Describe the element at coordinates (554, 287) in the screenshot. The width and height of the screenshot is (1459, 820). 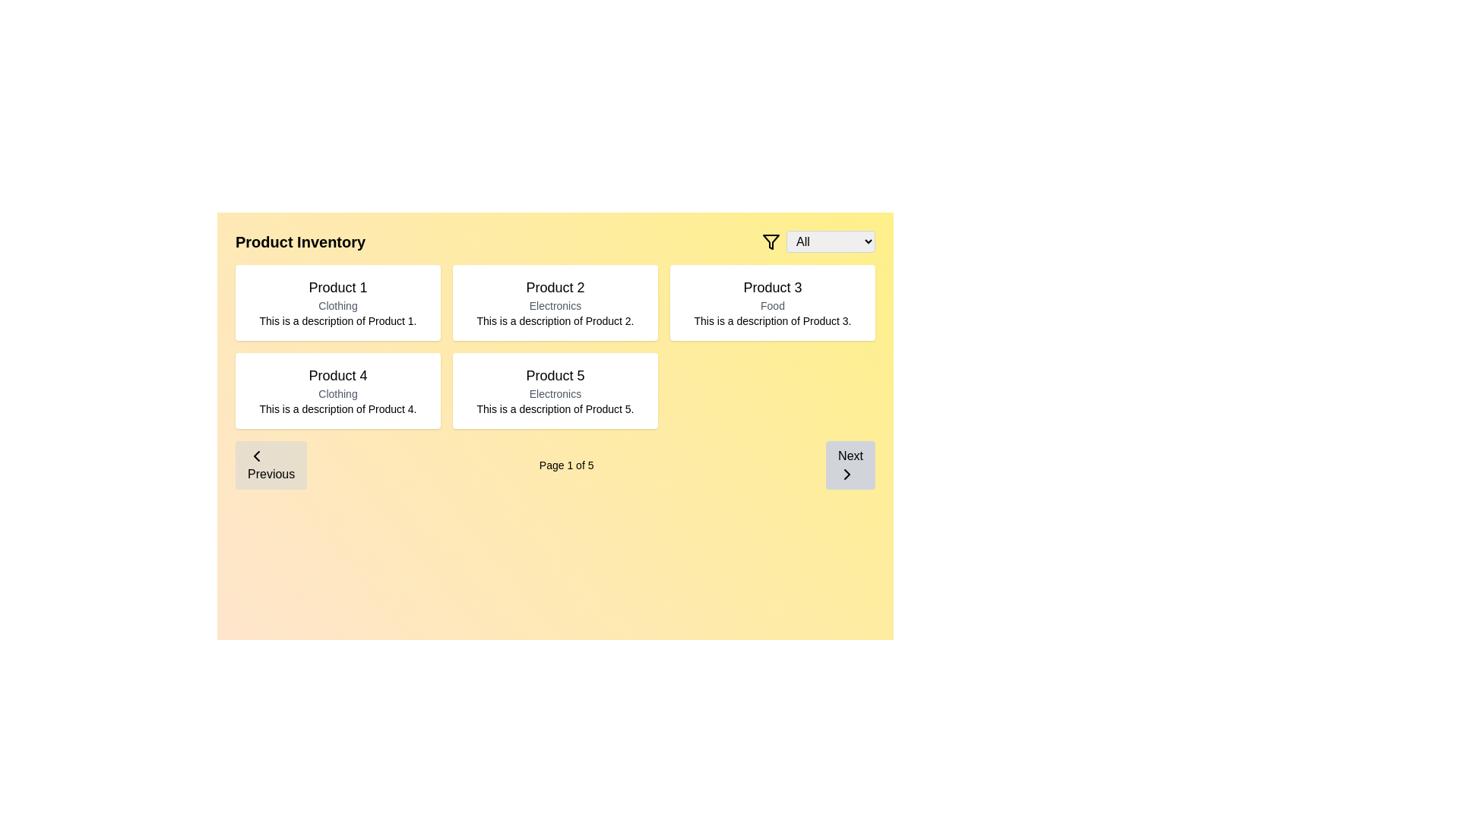
I see `the 'Product 2' heading element, which is styled in bold and large font, located at the top of the product card in the grid layout` at that location.